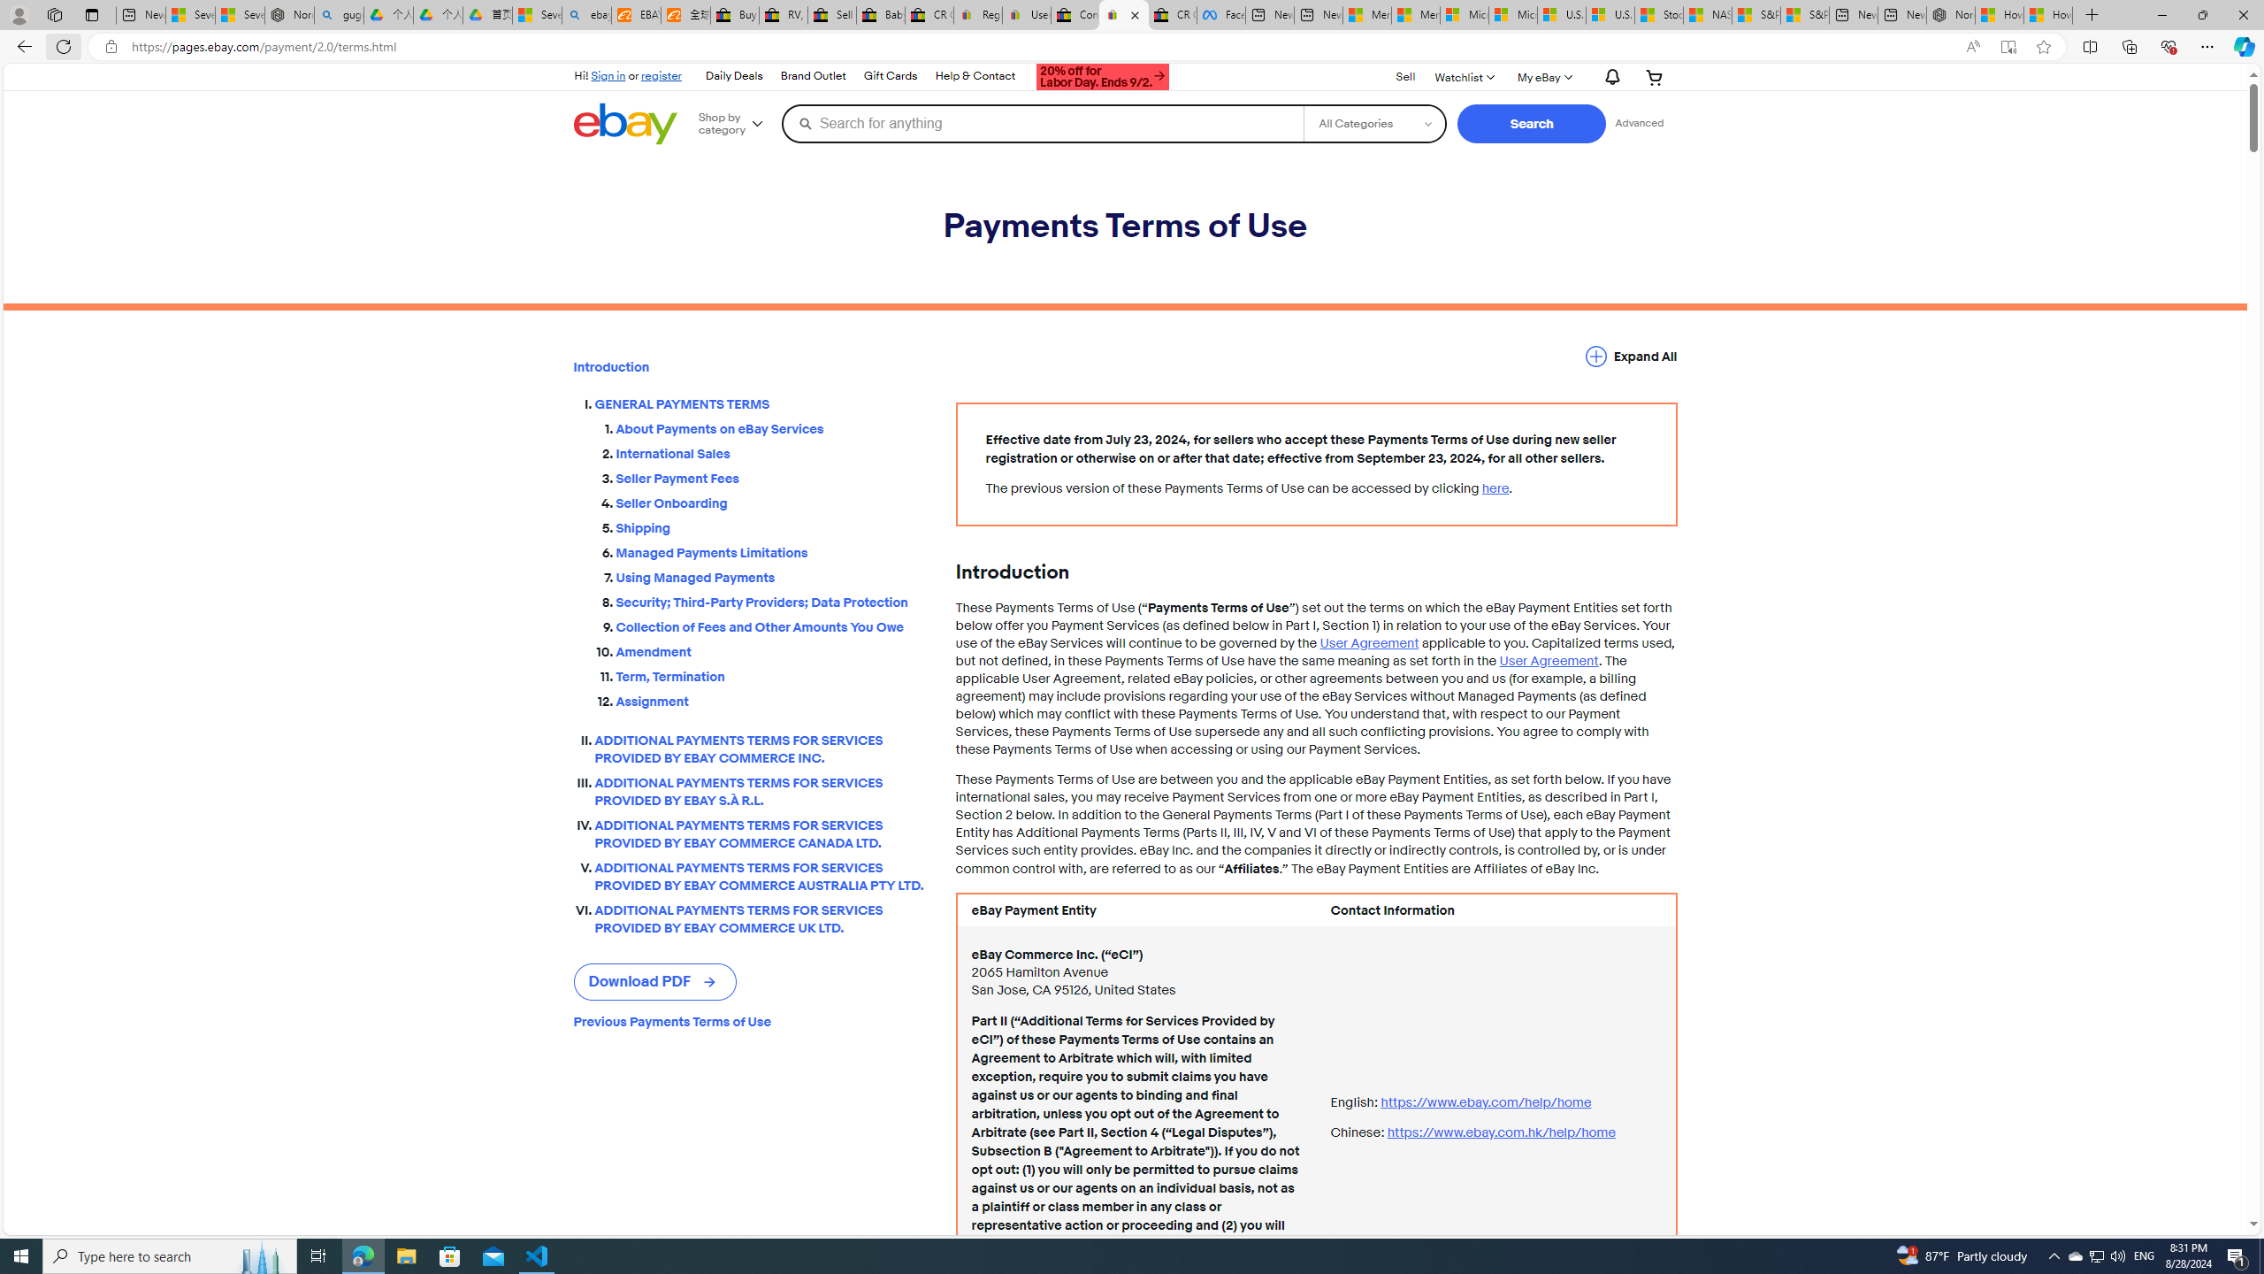  What do you see at coordinates (771, 528) in the screenshot?
I see `'Shipping'` at bounding box center [771, 528].